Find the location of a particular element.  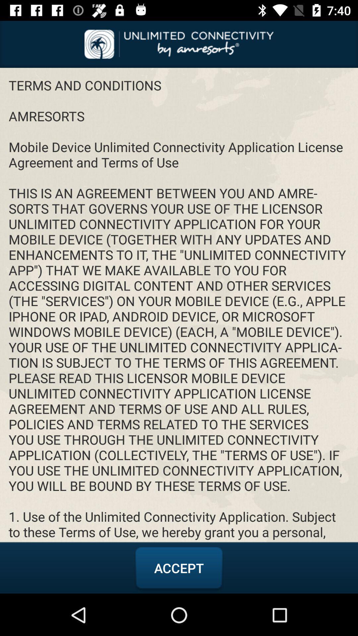

accept icon is located at coordinates (179, 568).